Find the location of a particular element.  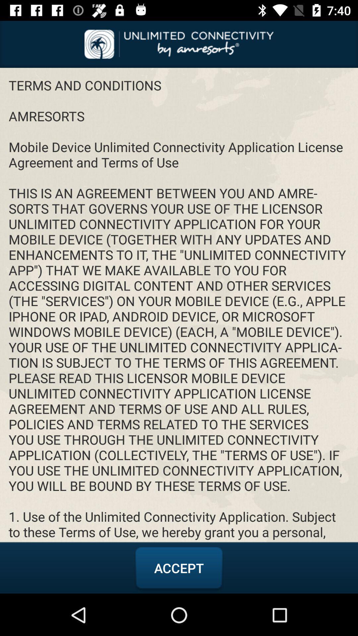

accept icon is located at coordinates (179, 568).